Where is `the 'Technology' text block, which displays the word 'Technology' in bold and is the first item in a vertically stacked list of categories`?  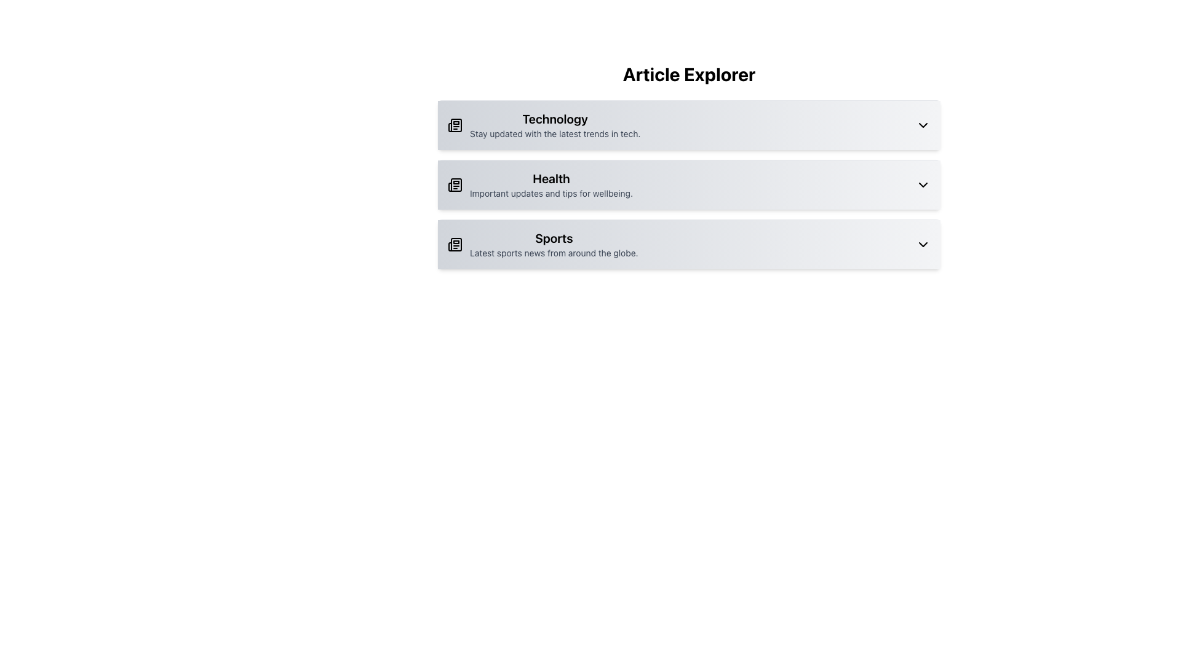
the 'Technology' text block, which displays the word 'Technology' in bold and is the first item in a vertically stacked list of categories is located at coordinates (554, 125).